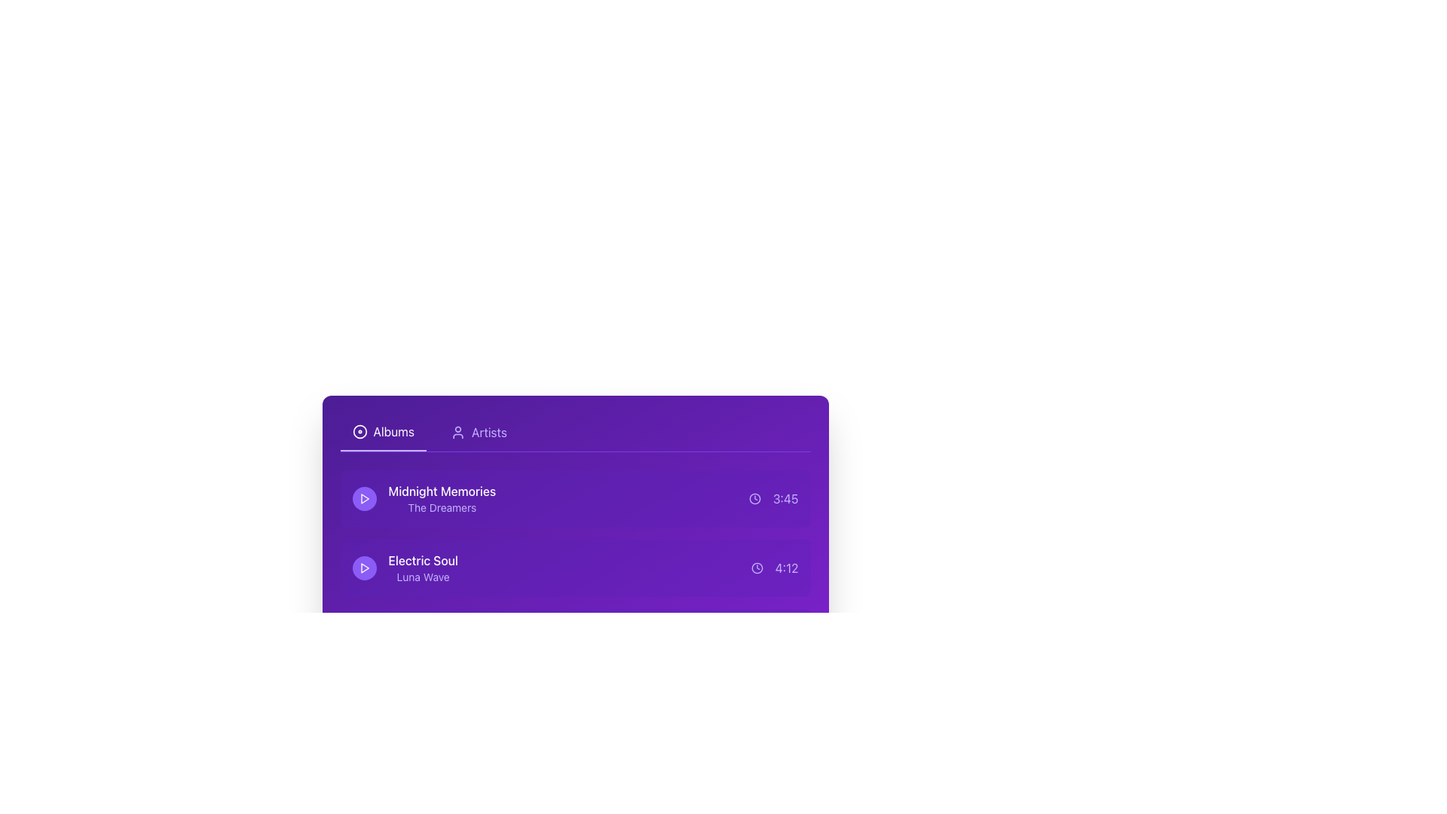 The height and width of the screenshot is (814, 1447). I want to click on the Duration display element, which is the last component in the horizontal arrangement of the first track in the playlist, positioned at the far right of the row, so click(773, 499).